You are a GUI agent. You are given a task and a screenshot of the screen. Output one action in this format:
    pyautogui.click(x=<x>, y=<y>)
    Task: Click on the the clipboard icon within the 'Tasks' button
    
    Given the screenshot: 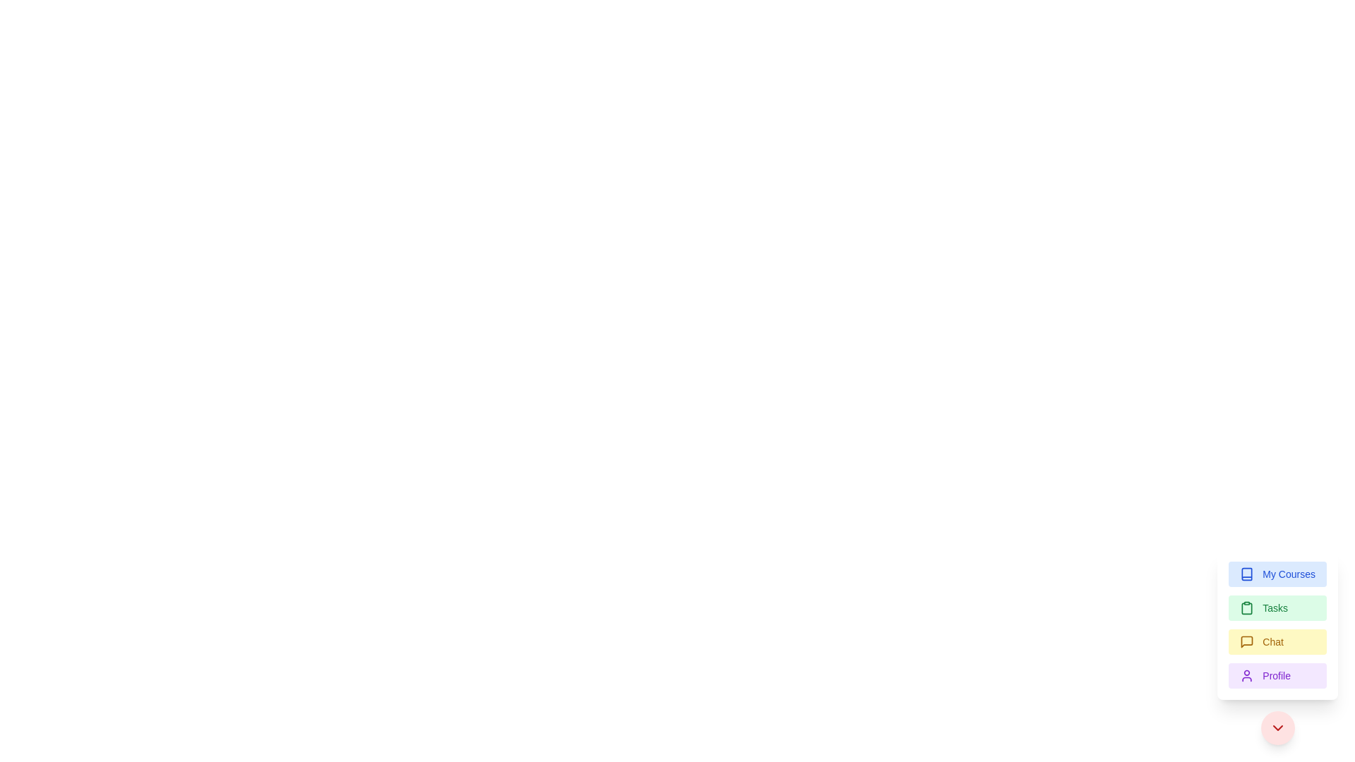 What is the action you would take?
    pyautogui.click(x=1247, y=607)
    